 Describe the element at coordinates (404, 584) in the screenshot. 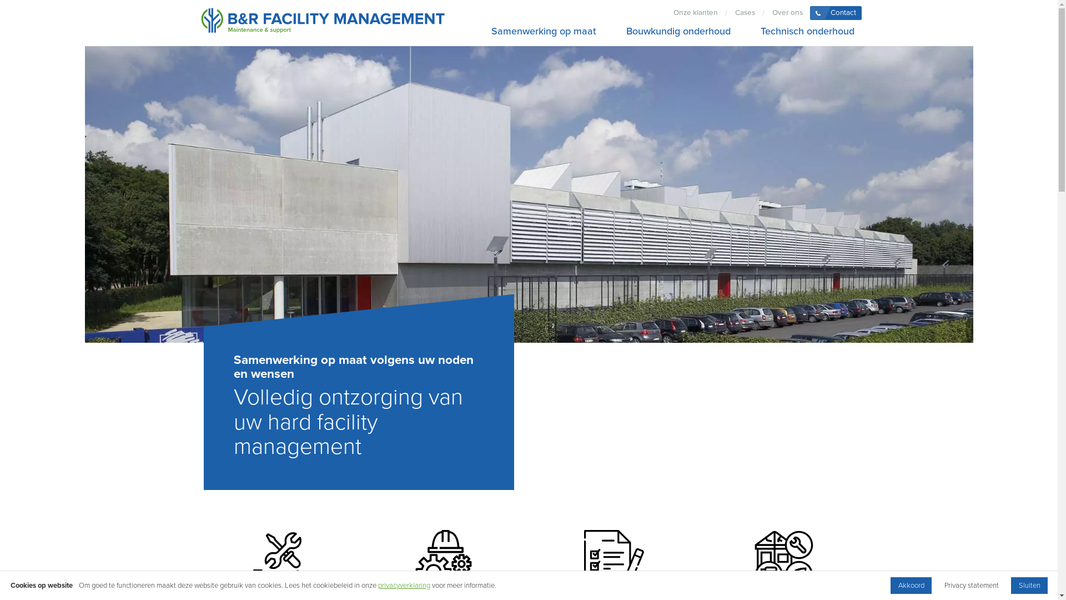

I see `'privacyverklaring'` at that location.